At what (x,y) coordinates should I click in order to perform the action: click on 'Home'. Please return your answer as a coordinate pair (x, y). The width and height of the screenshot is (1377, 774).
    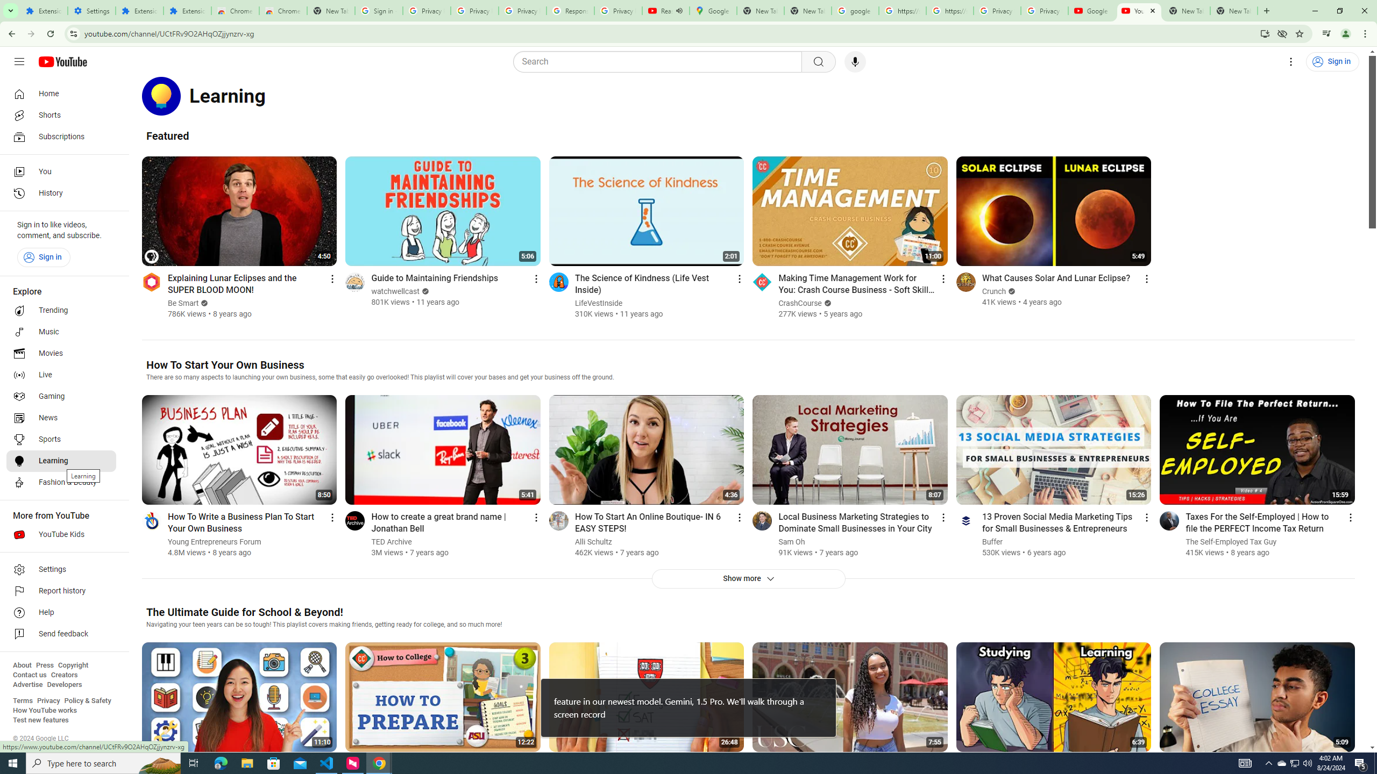
    Looking at the image, I should click on (61, 93).